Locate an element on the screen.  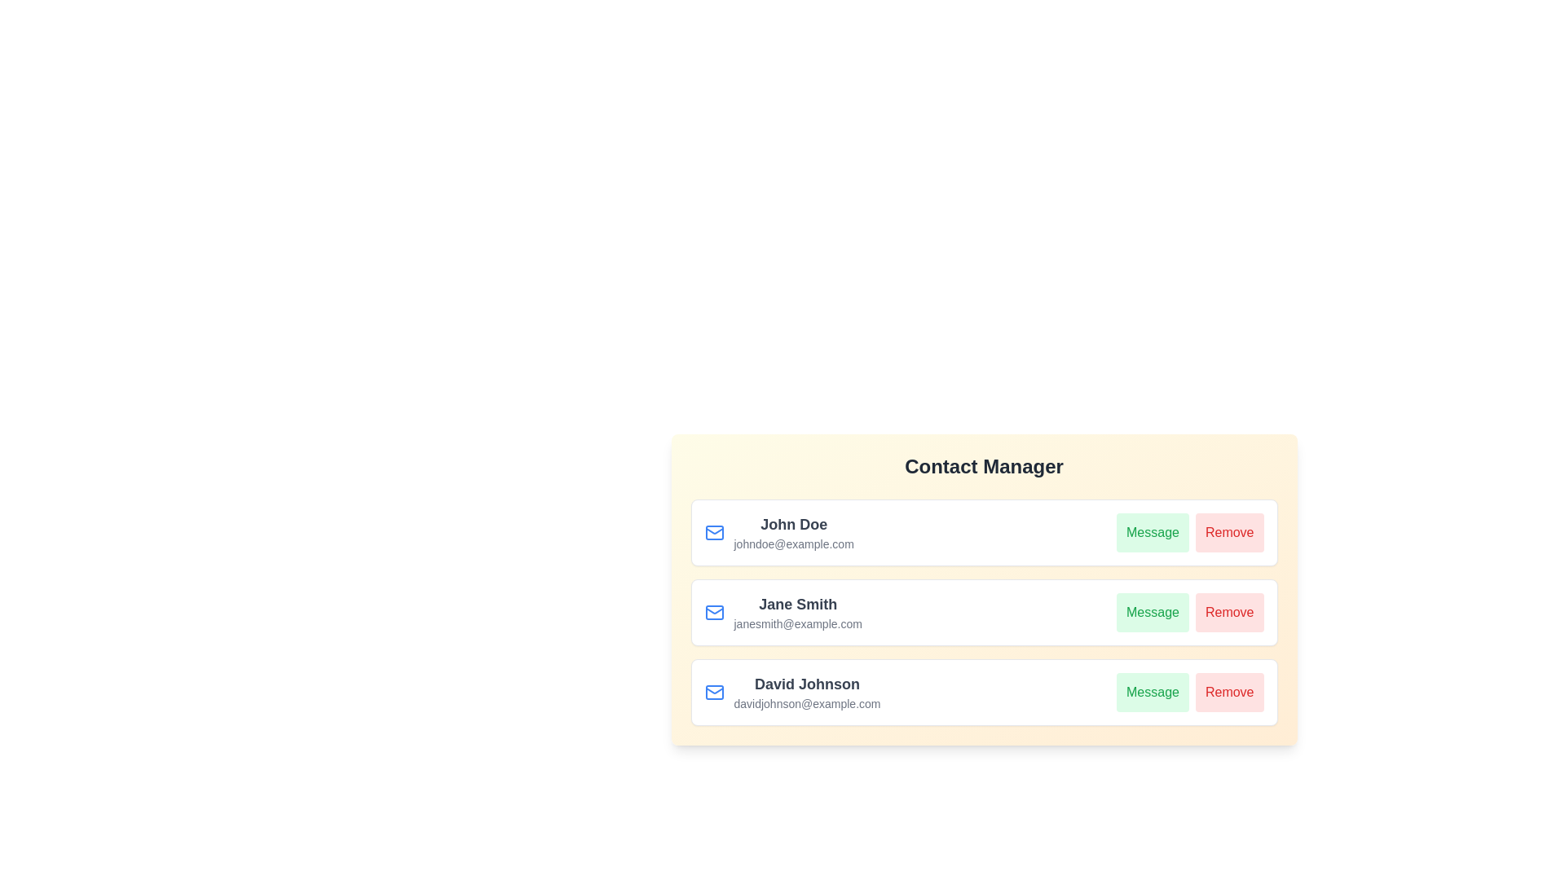
Remove button for the contact David Johnson is located at coordinates (1229, 692).